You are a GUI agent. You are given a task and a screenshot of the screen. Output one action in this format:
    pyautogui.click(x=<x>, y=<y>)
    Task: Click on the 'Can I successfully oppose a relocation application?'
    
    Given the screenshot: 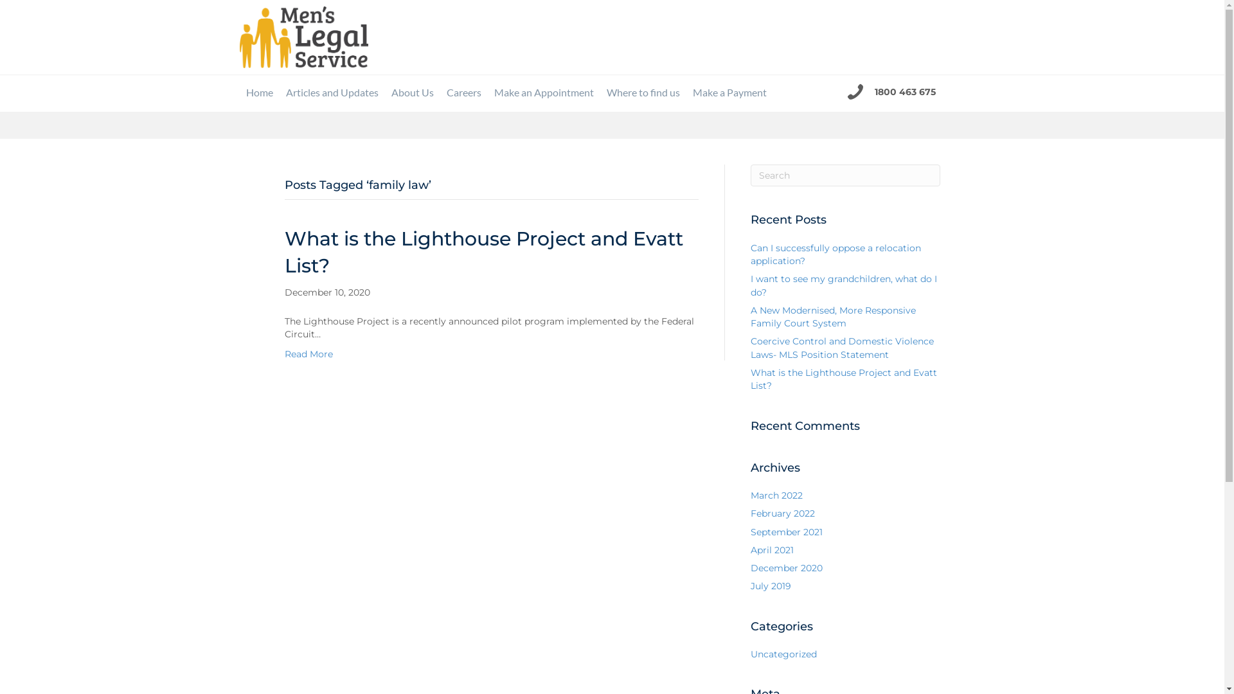 What is the action you would take?
    pyautogui.click(x=836, y=254)
    